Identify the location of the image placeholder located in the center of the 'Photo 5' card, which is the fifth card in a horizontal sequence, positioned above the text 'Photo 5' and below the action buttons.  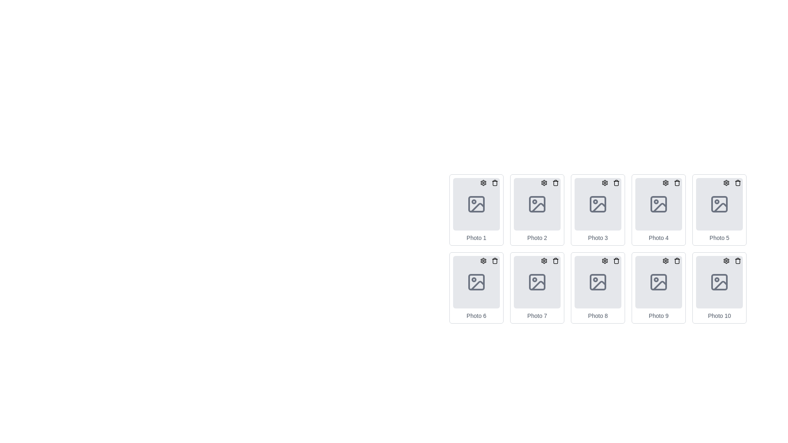
(719, 203).